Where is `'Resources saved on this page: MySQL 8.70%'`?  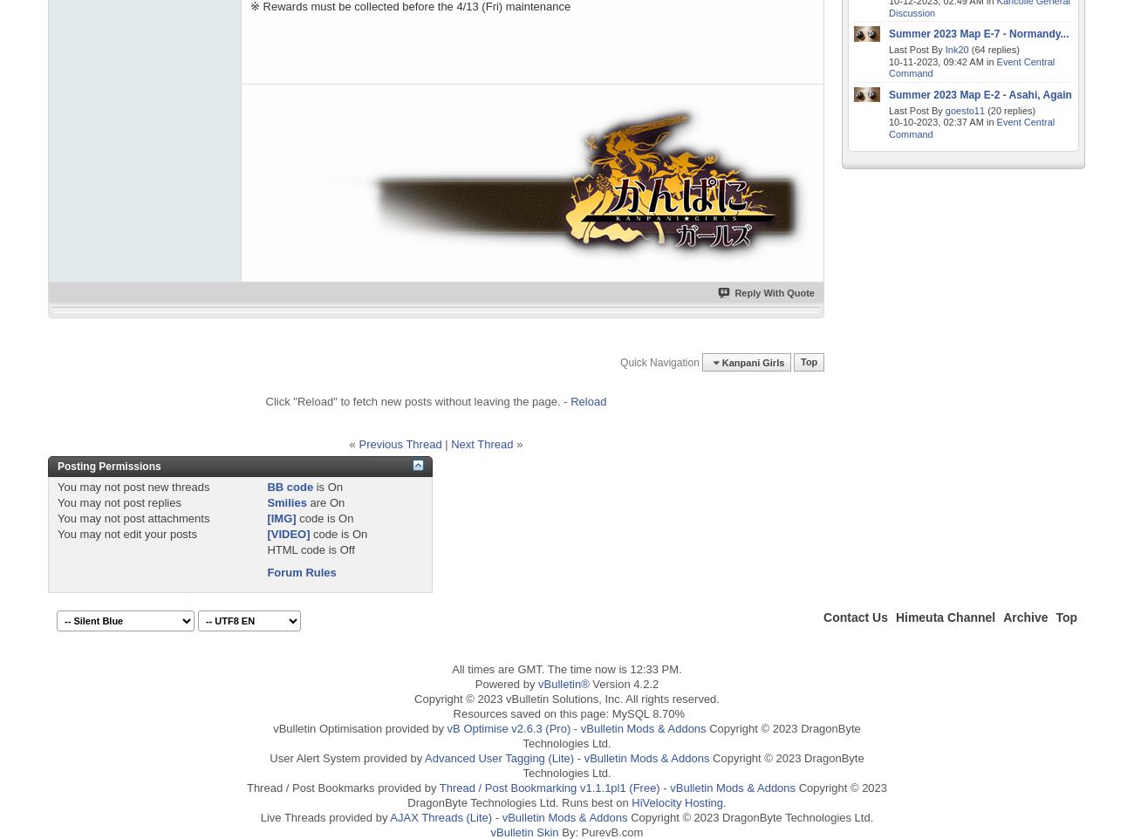 'Resources saved on this page: MySQL 8.70%' is located at coordinates (452, 713).